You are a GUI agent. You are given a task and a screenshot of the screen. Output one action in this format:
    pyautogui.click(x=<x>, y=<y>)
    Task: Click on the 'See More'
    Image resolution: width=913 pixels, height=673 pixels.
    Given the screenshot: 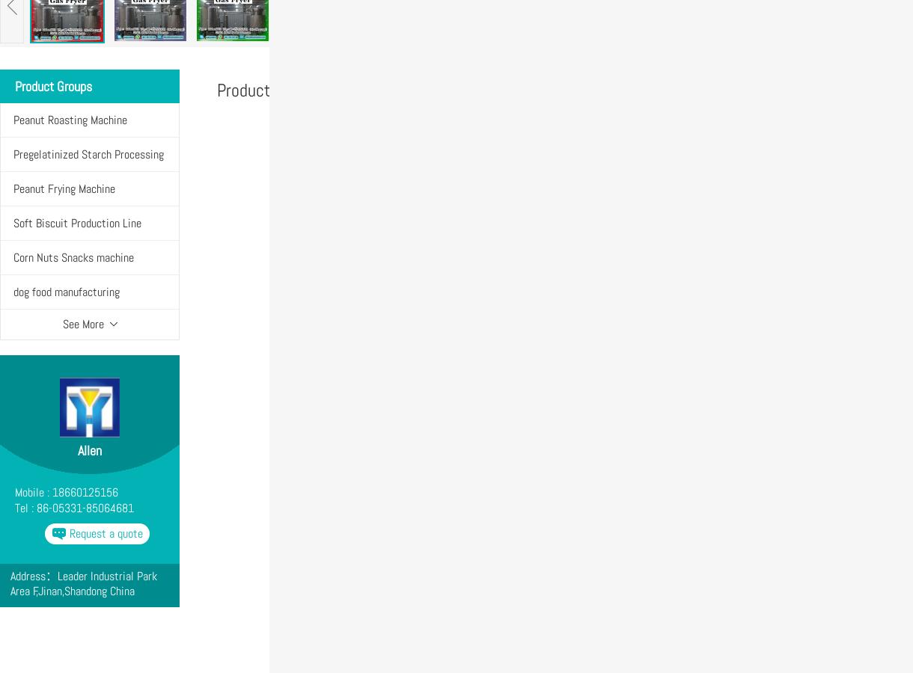 What is the action you would take?
    pyautogui.click(x=82, y=324)
    